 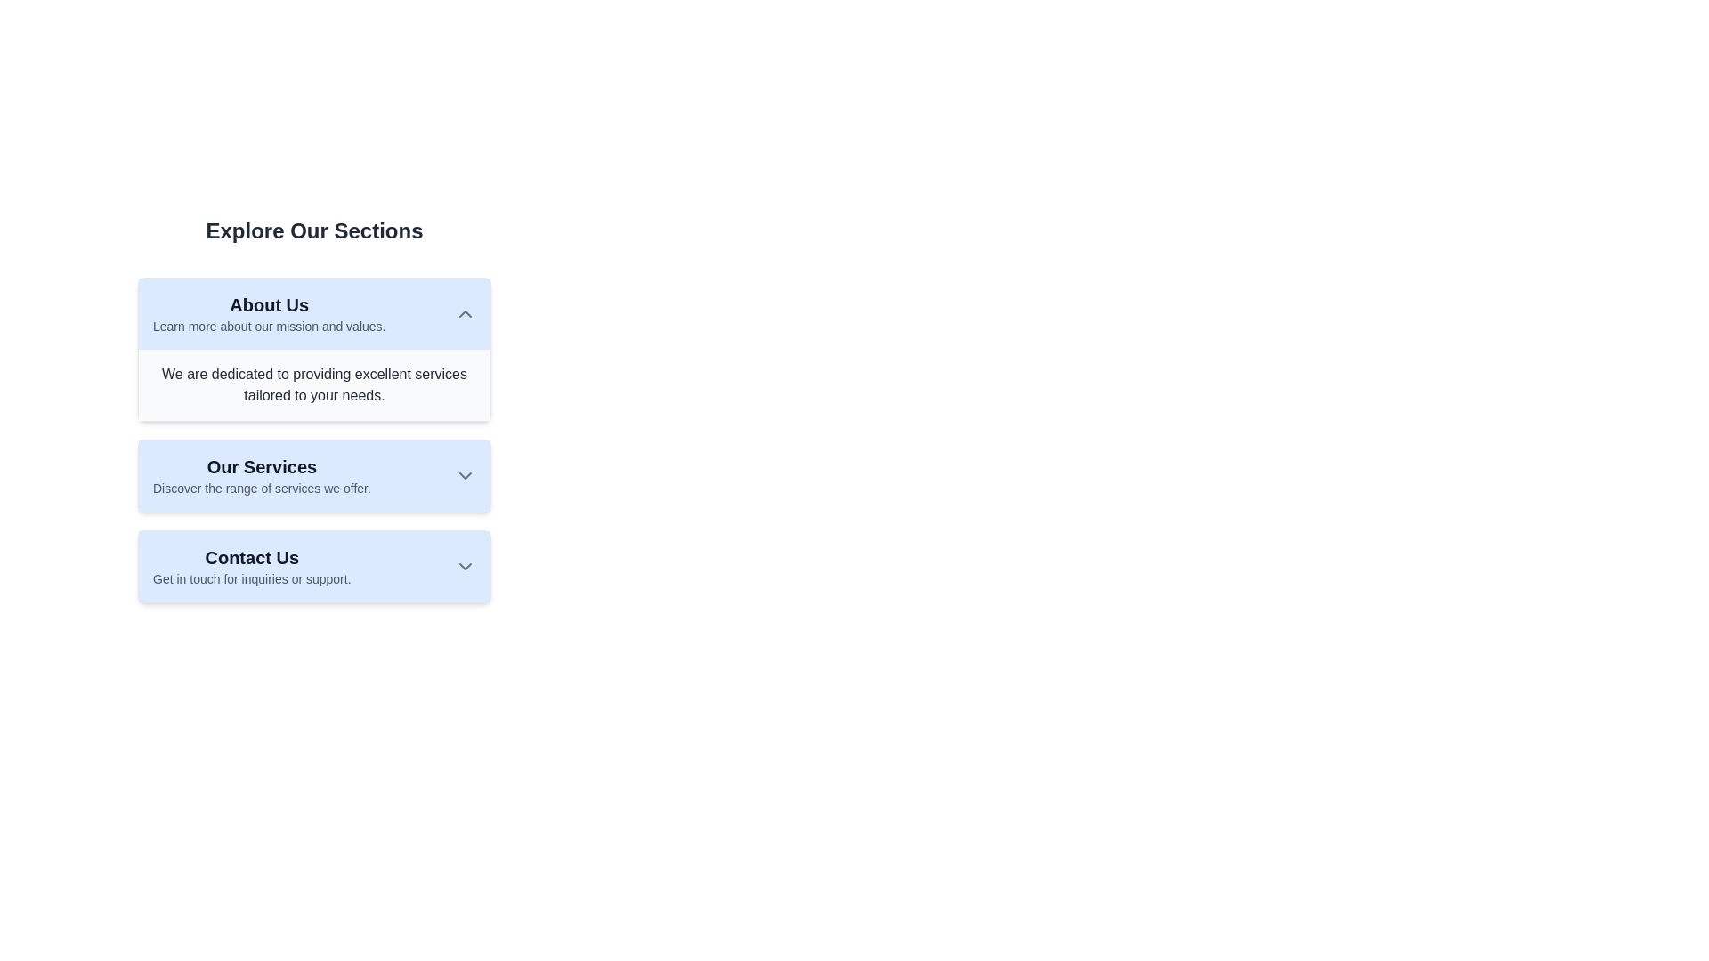 I want to click on the text snippet reading 'Learn more about our mission and values.' which is styled with a smaller gray font and located directly underneath the 'About Us' heading in the first collapsible section, so click(x=268, y=326).